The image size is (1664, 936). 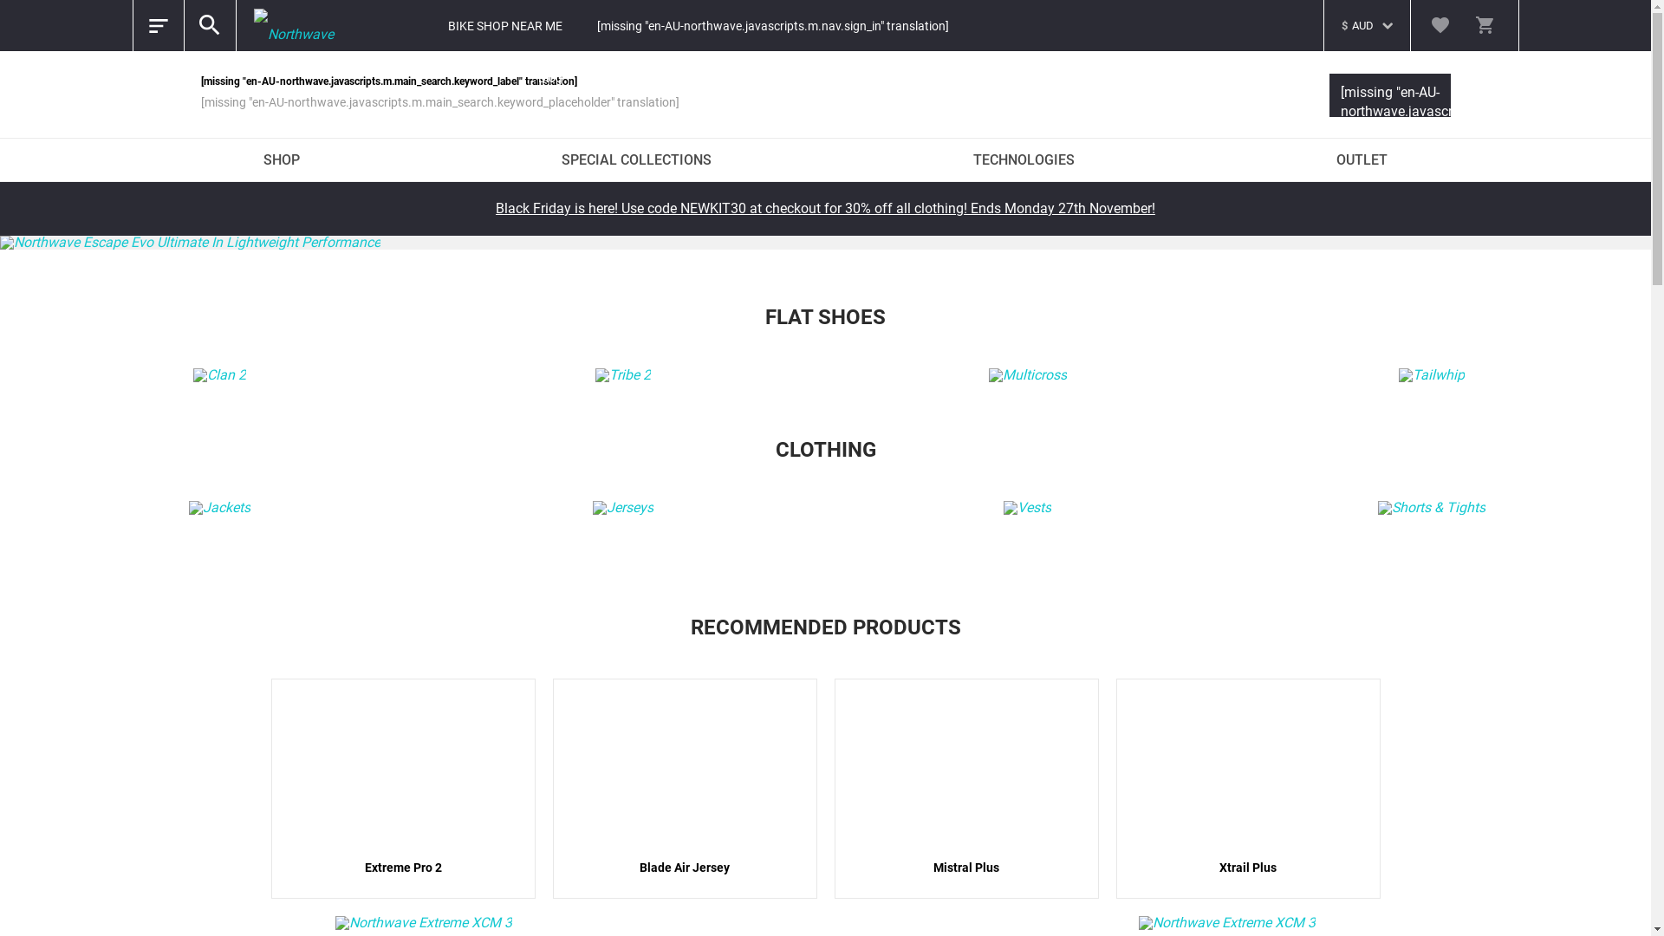 I want to click on '$AUD', so click(x=1331, y=16).